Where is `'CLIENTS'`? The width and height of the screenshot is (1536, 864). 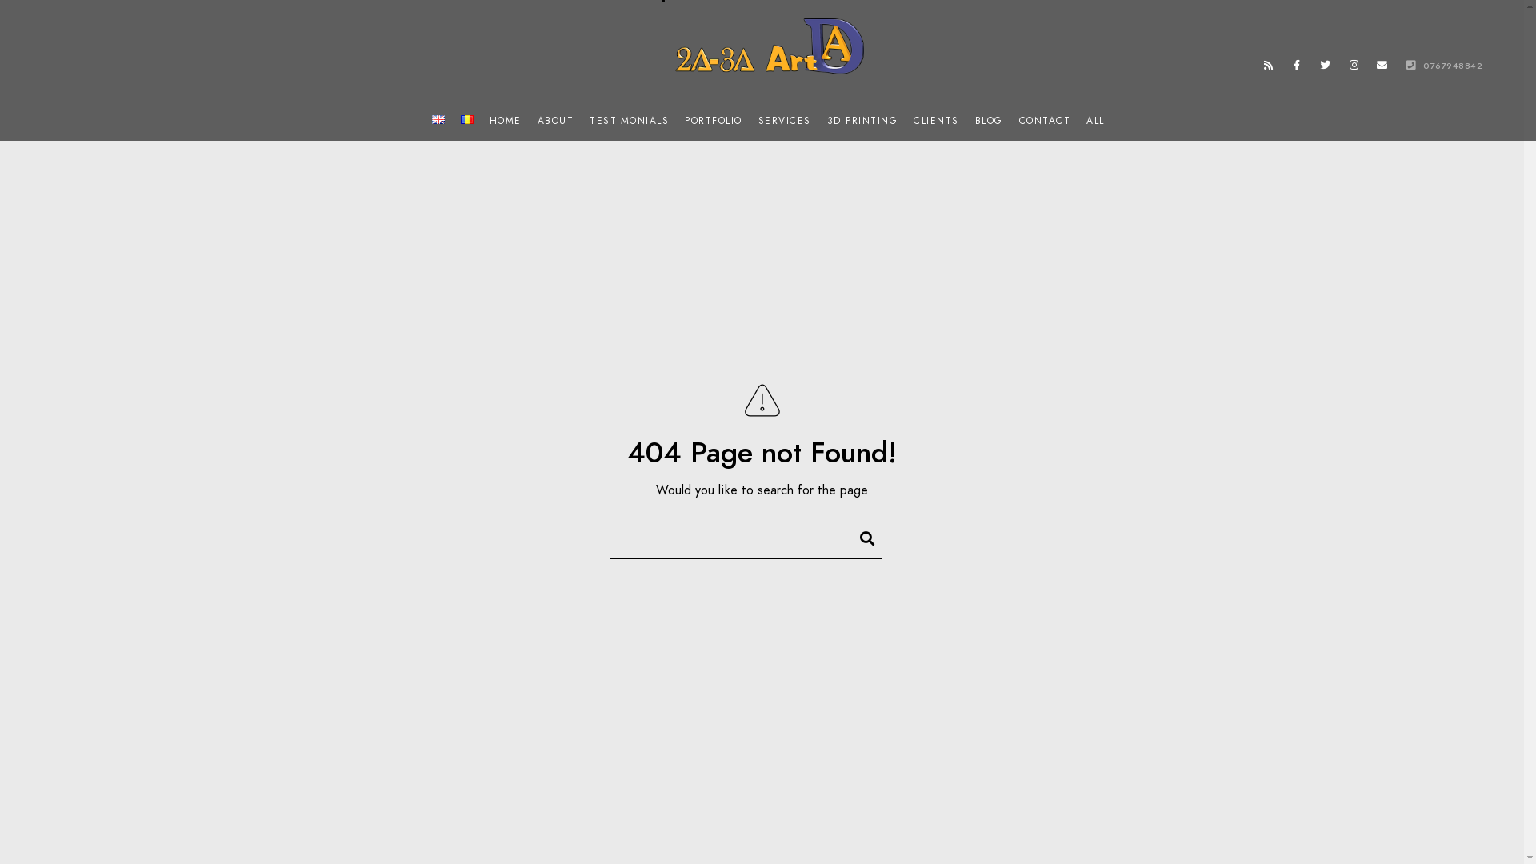
'CLIENTS' is located at coordinates (936, 119).